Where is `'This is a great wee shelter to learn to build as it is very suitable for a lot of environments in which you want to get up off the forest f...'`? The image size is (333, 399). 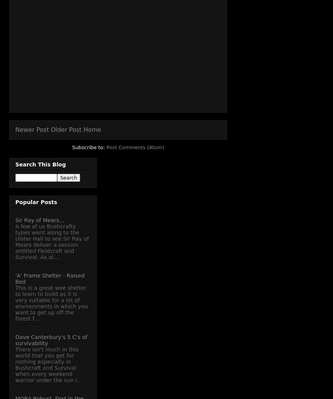
'This is a great wee shelter to learn to build as it is very suitable for a lot of environments in which you want to get up off the forest f...' is located at coordinates (51, 303).